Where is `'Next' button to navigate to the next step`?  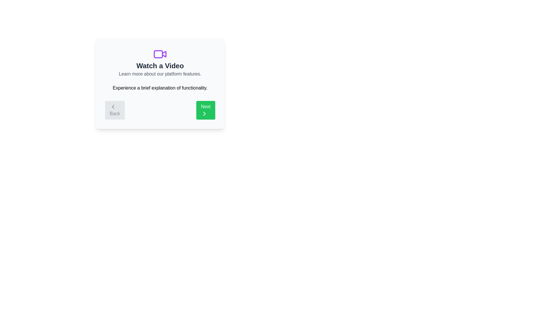
'Next' button to navigate to the next step is located at coordinates (206, 110).